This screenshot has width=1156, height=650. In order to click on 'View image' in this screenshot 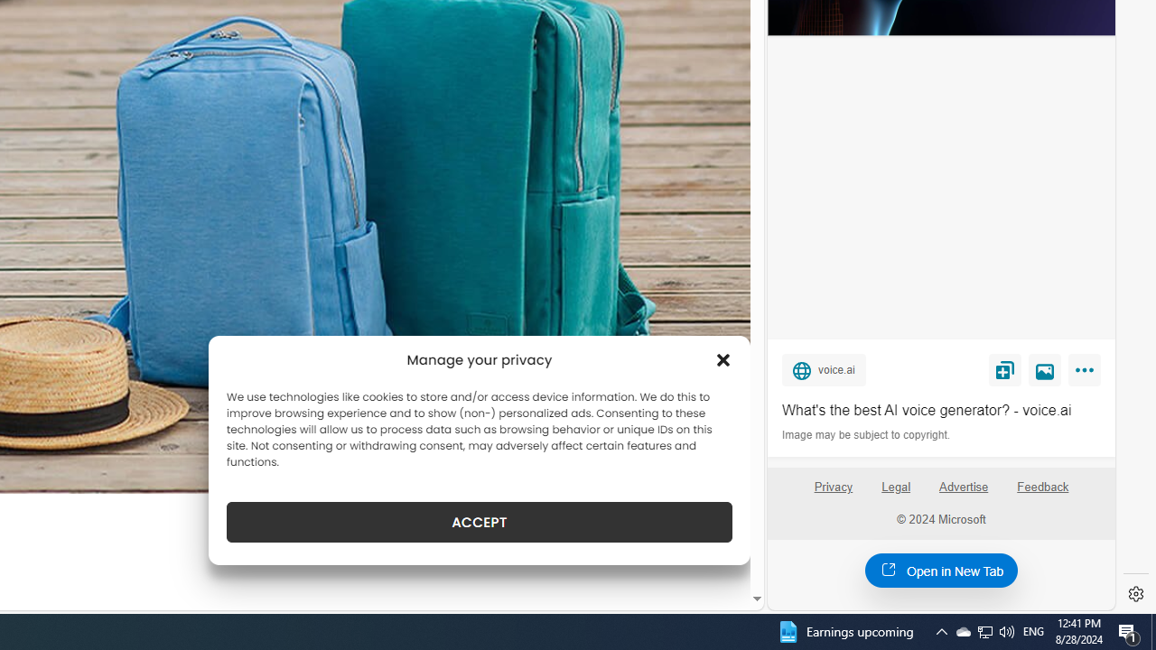, I will do `click(1045, 368)`.